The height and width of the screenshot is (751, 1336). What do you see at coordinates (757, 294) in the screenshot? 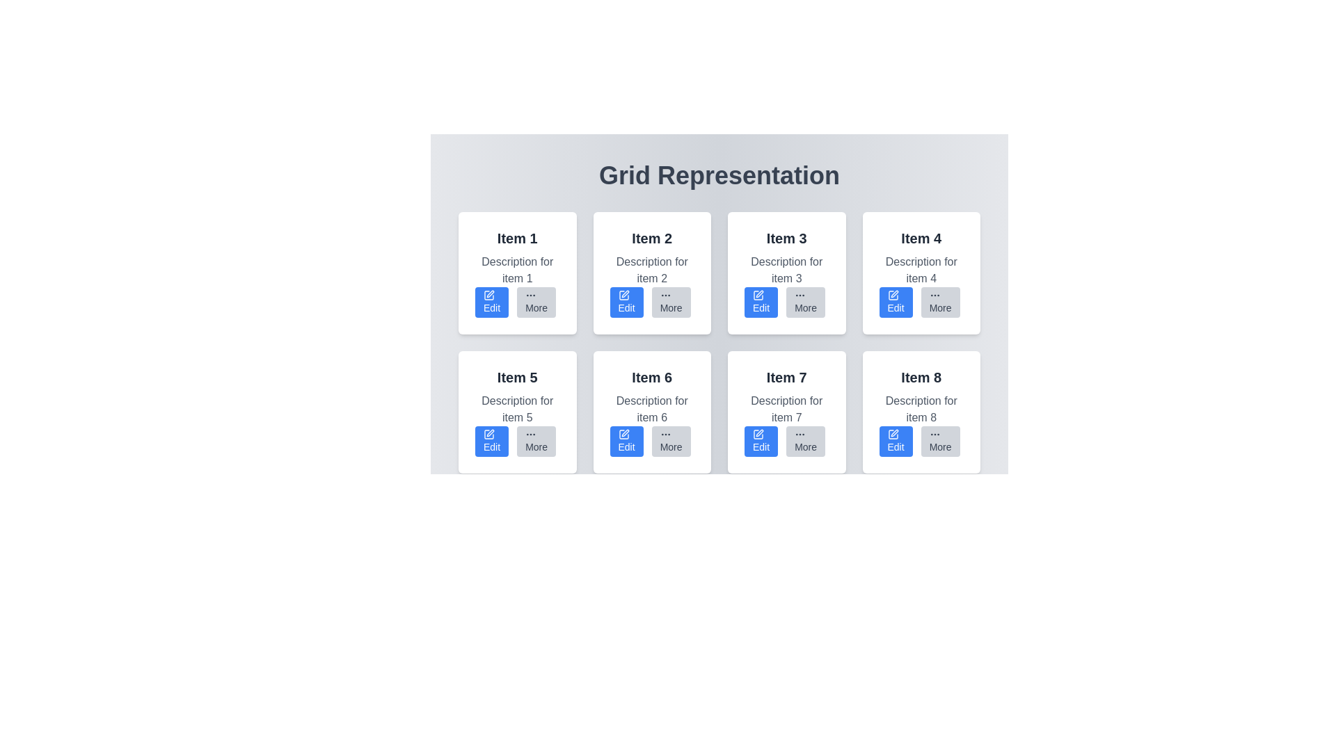
I see `the pen icon located within the 'Edit' button of the grid item labeled 'Item 3', which is in the first row and third column of the grid` at bounding box center [757, 294].